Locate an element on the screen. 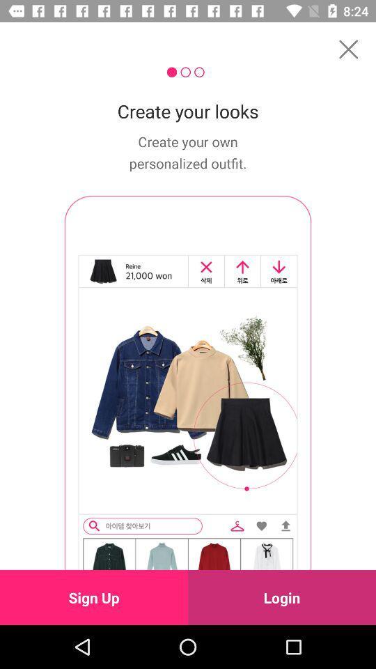  sign up icon is located at coordinates (94, 597).